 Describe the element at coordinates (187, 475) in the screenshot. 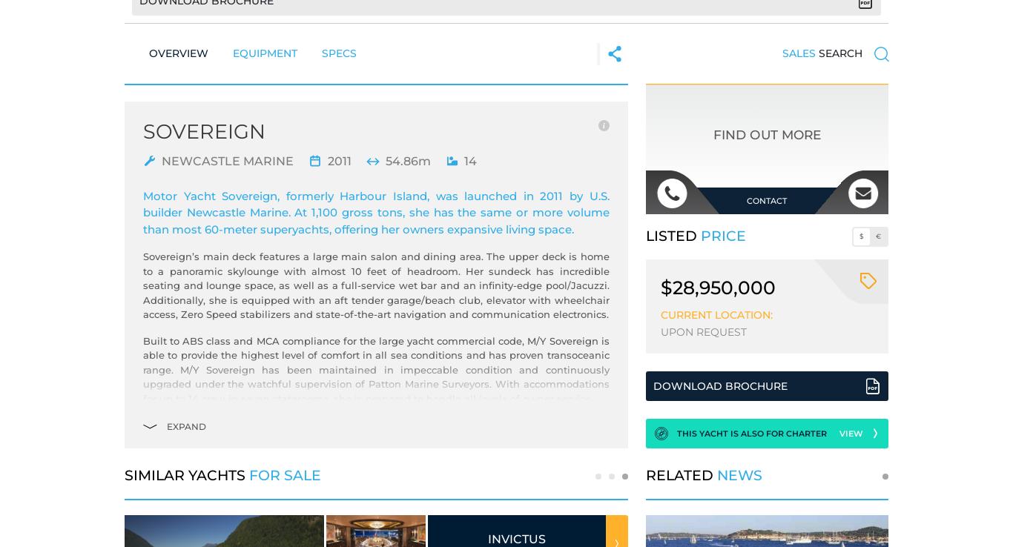

I see `'Similar 
          yachts'` at that location.